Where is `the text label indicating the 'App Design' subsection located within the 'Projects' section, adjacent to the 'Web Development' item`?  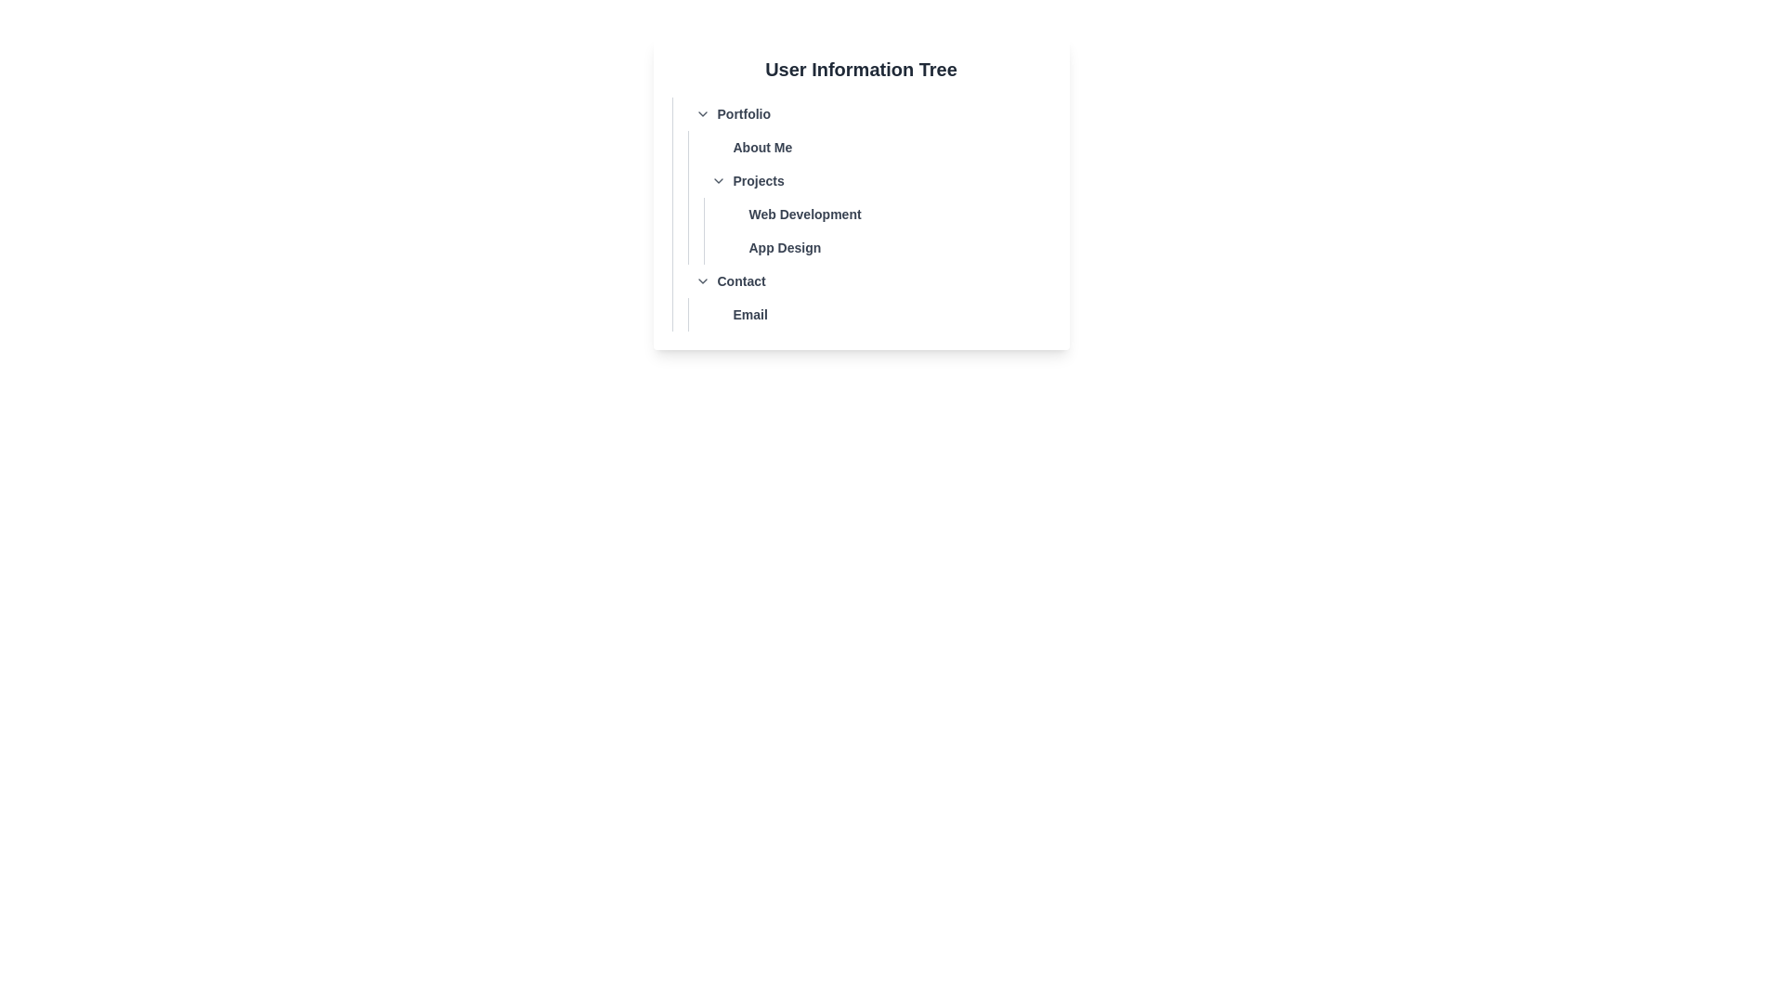
the text label indicating the 'App Design' subsection located within the 'Projects' section, adjacent to the 'Web Development' item is located at coordinates (785, 246).